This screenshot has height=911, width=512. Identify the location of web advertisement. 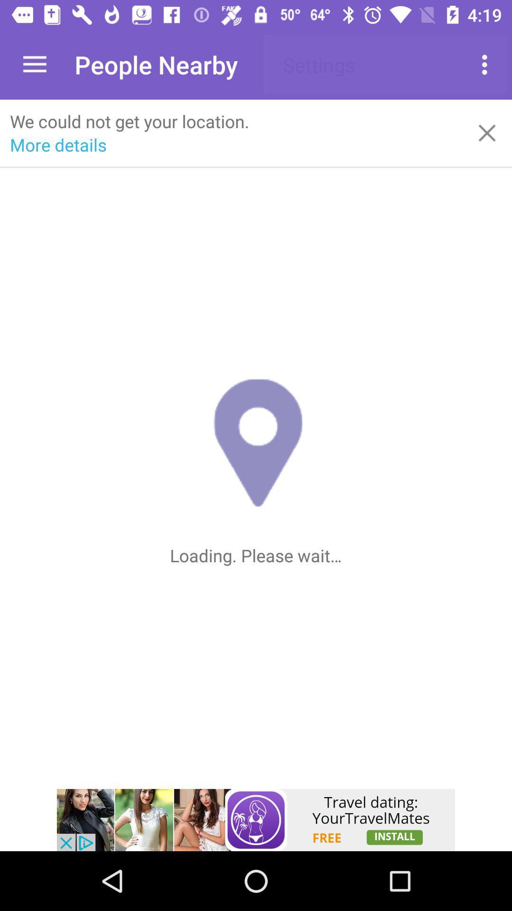
(256, 819).